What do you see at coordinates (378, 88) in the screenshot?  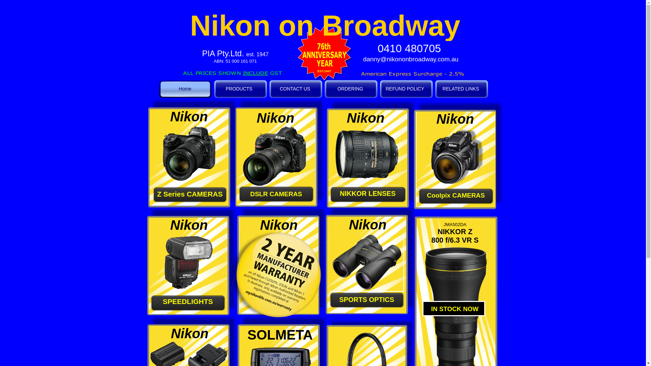 I see `'REFUND POLICY  '` at bounding box center [378, 88].